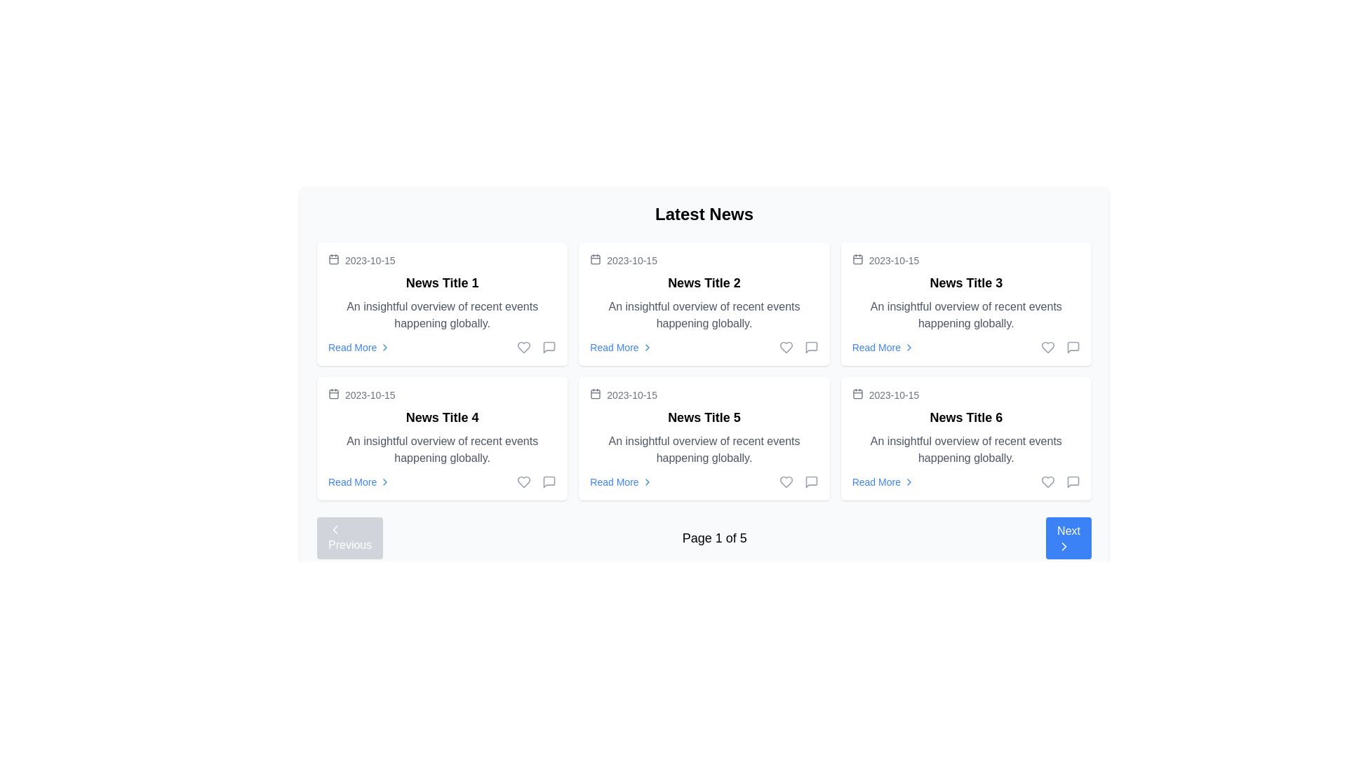 Image resolution: width=1347 pixels, height=757 pixels. I want to click on the 'Read More' hyperlinked text at the bottom of the fifth news card, so click(614, 481).